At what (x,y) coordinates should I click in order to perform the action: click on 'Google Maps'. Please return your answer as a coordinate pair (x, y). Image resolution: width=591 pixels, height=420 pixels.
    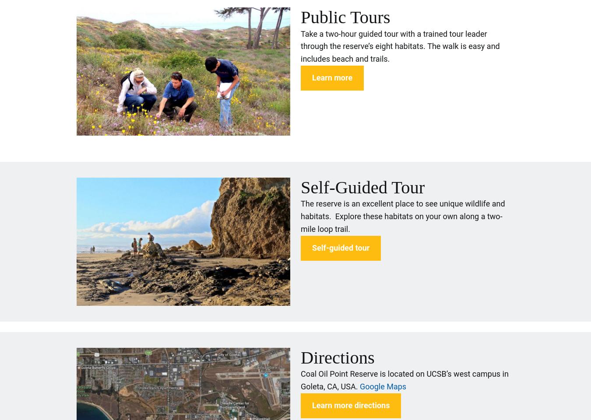
    Looking at the image, I should click on (383, 385).